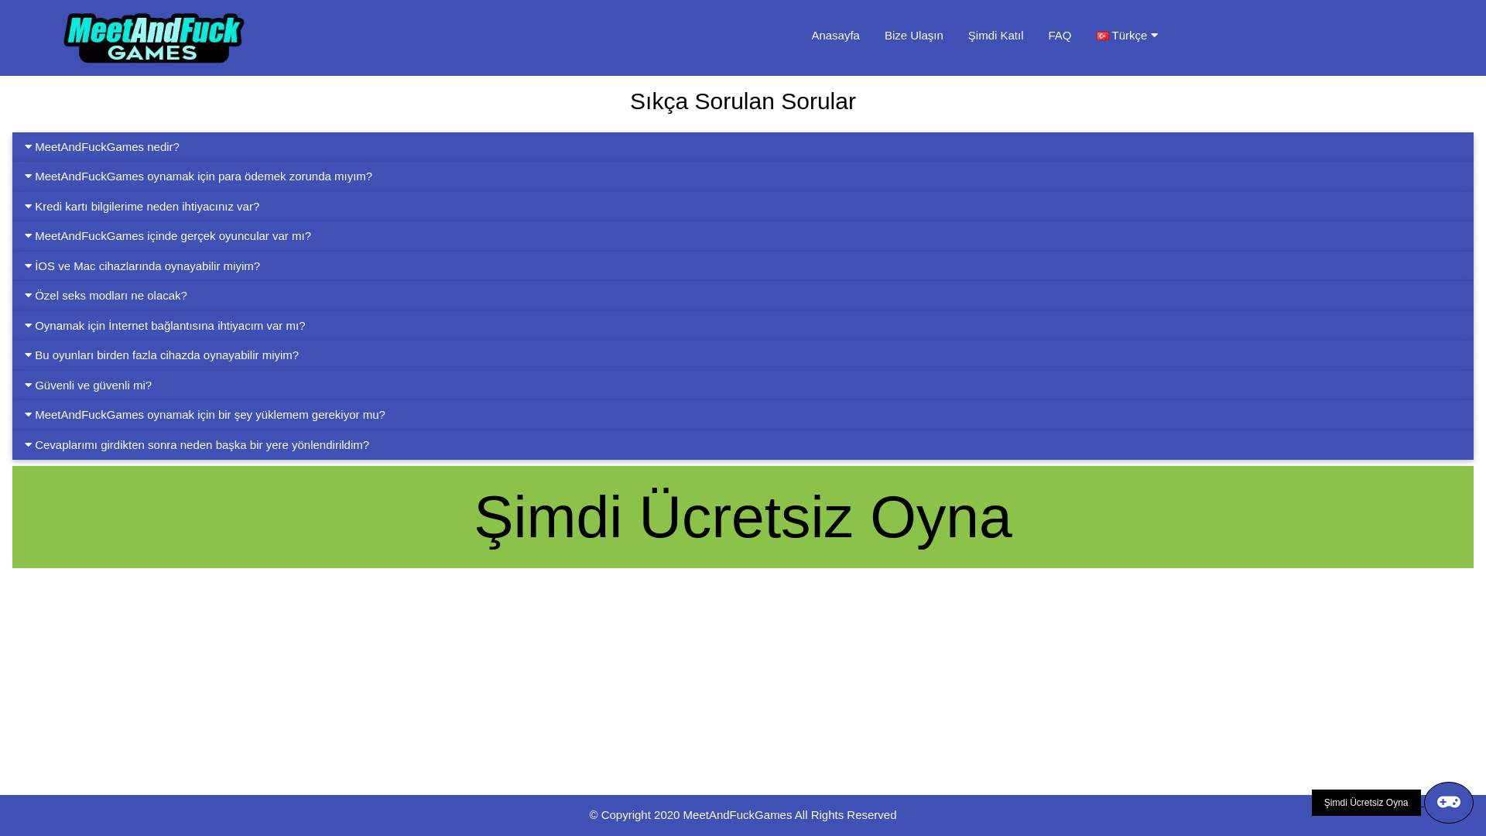 Image resolution: width=1486 pixels, height=836 pixels. What do you see at coordinates (834, 35) in the screenshot?
I see `'Anasayfa'` at bounding box center [834, 35].